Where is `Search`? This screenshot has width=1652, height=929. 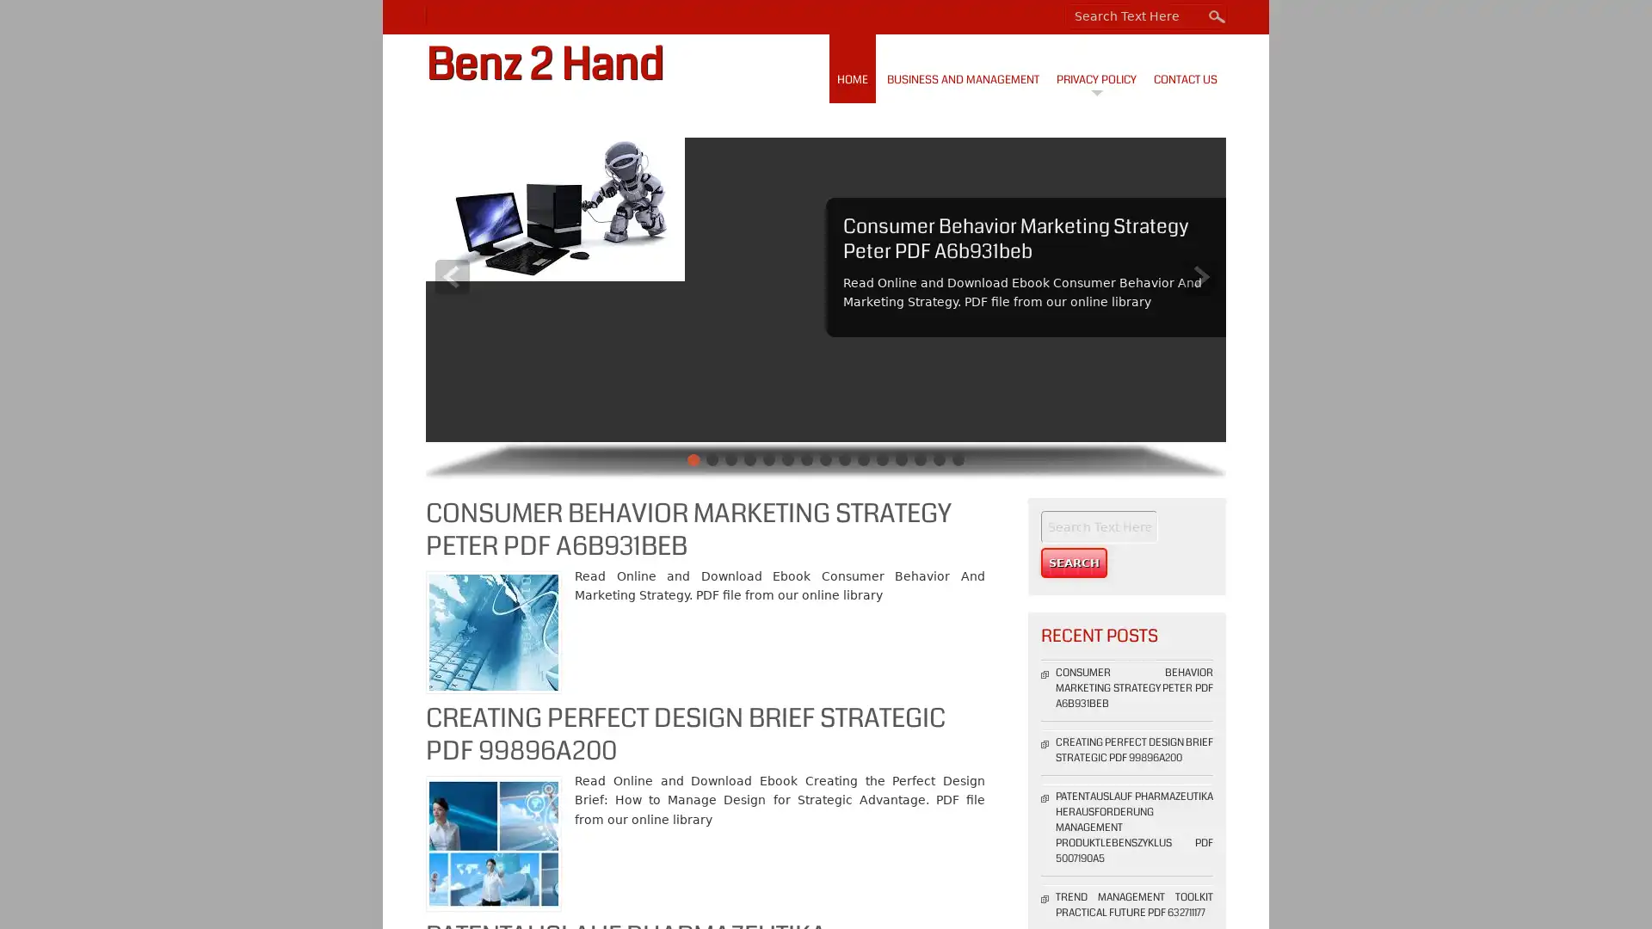
Search is located at coordinates (1073, 563).